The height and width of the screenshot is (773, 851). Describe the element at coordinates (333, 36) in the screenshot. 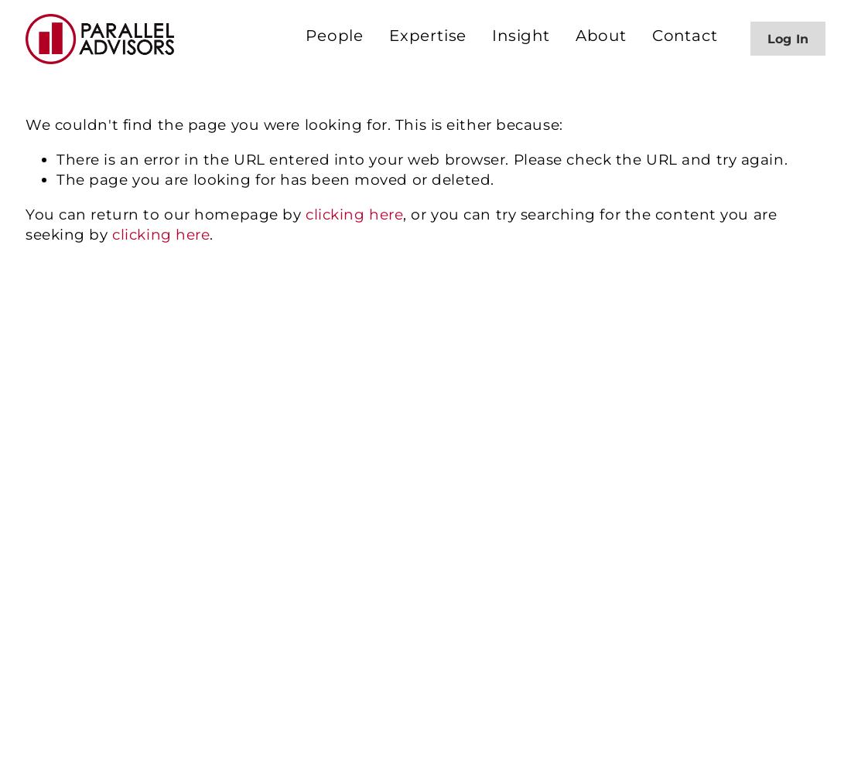

I see `'People'` at that location.